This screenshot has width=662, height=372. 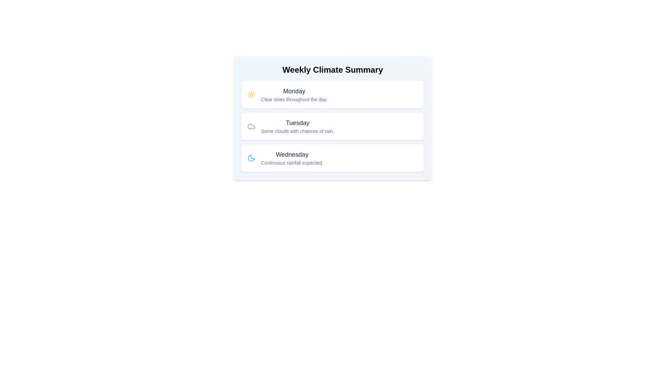 What do you see at coordinates (251, 94) in the screenshot?
I see `the weather condition icon for Monday` at bounding box center [251, 94].